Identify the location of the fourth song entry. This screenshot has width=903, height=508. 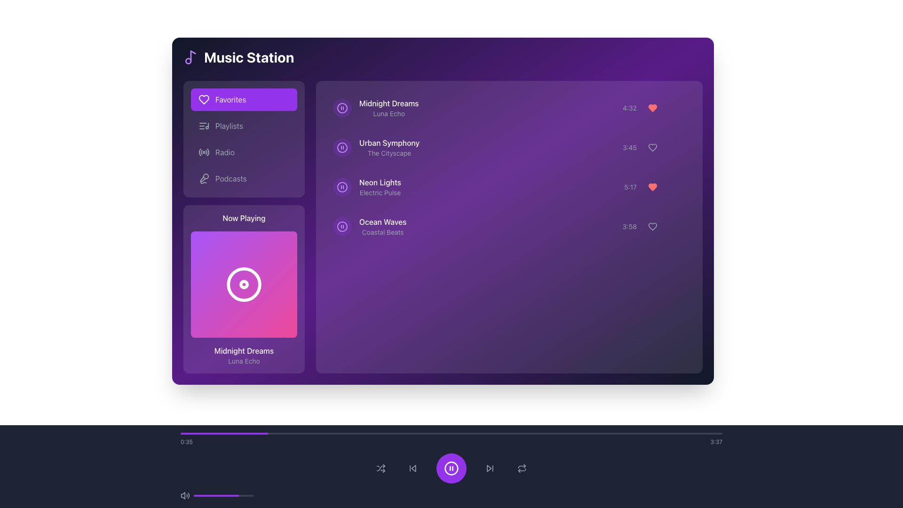
(383, 227).